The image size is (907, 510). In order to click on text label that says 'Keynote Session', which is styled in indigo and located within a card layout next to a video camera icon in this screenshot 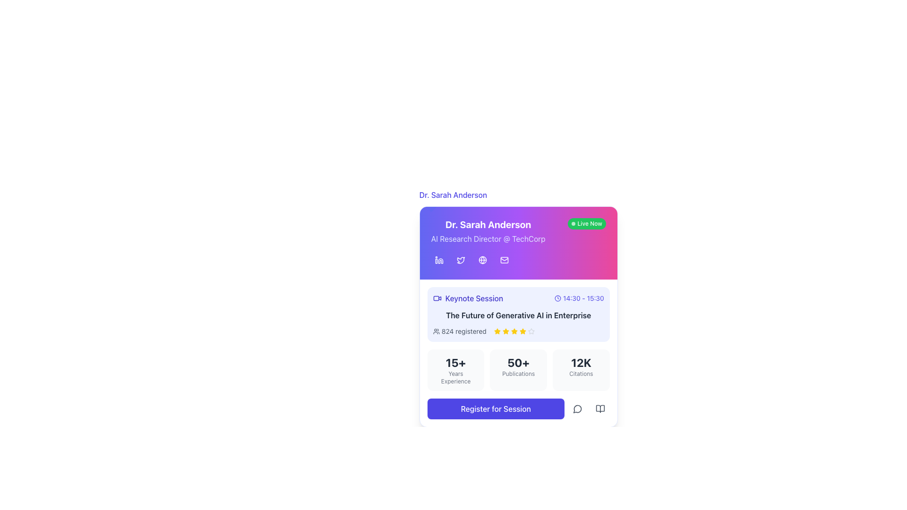, I will do `click(474, 298)`.